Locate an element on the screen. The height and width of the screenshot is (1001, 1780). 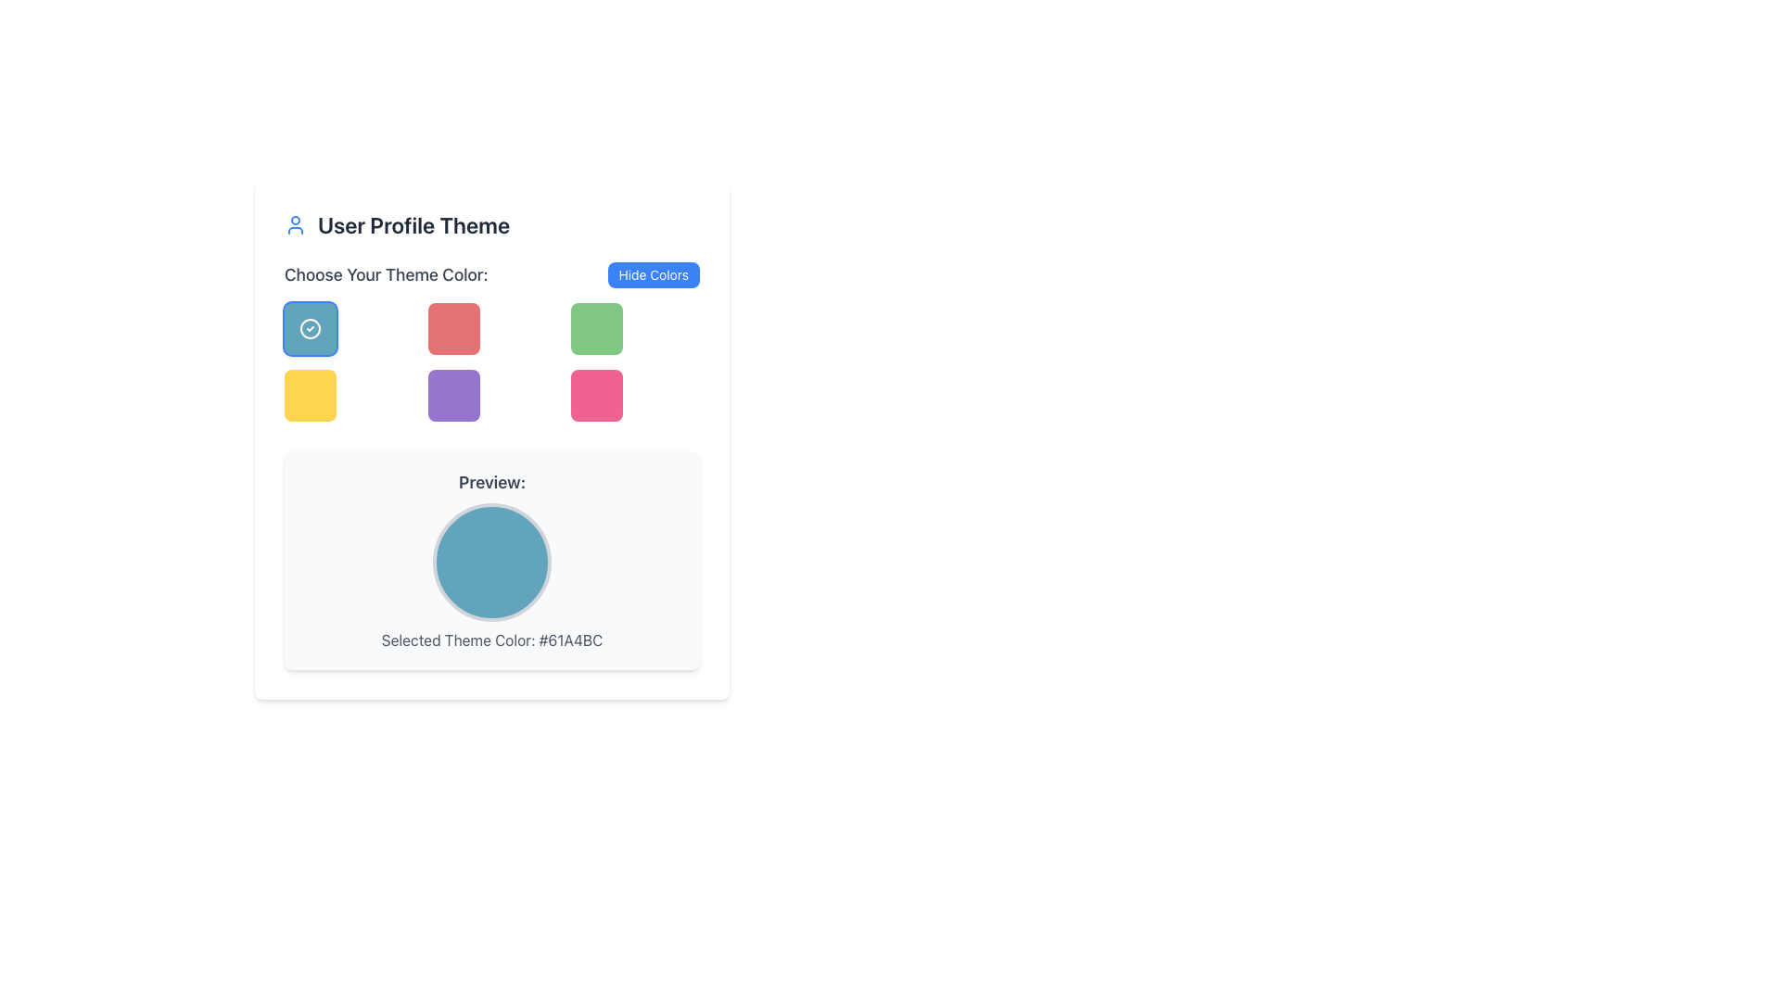
the first circle icon in the blue button on the left side of the theme color selection area is located at coordinates (311, 327).